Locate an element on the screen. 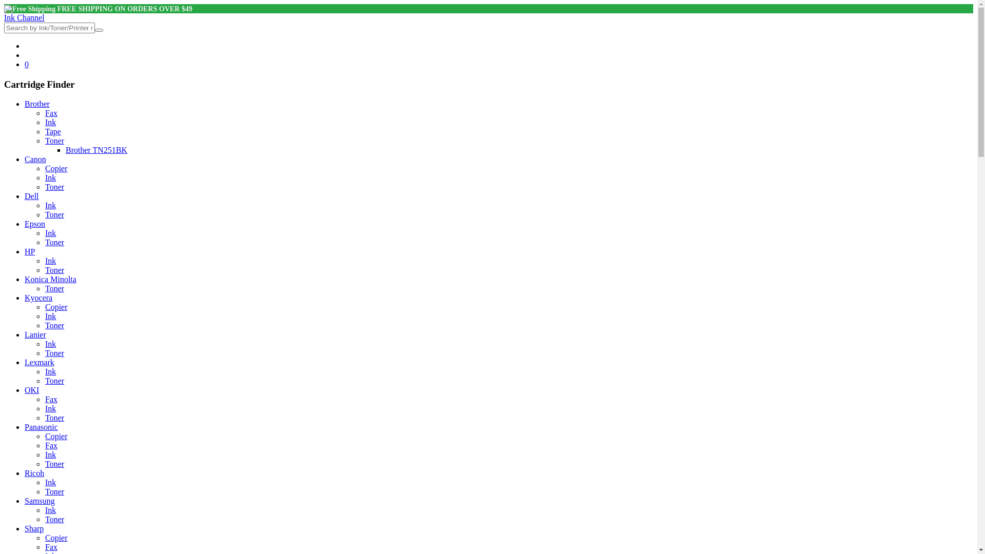 Image resolution: width=985 pixels, height=554 pixels. 'Samsung' is located at coordinates (25, 500).